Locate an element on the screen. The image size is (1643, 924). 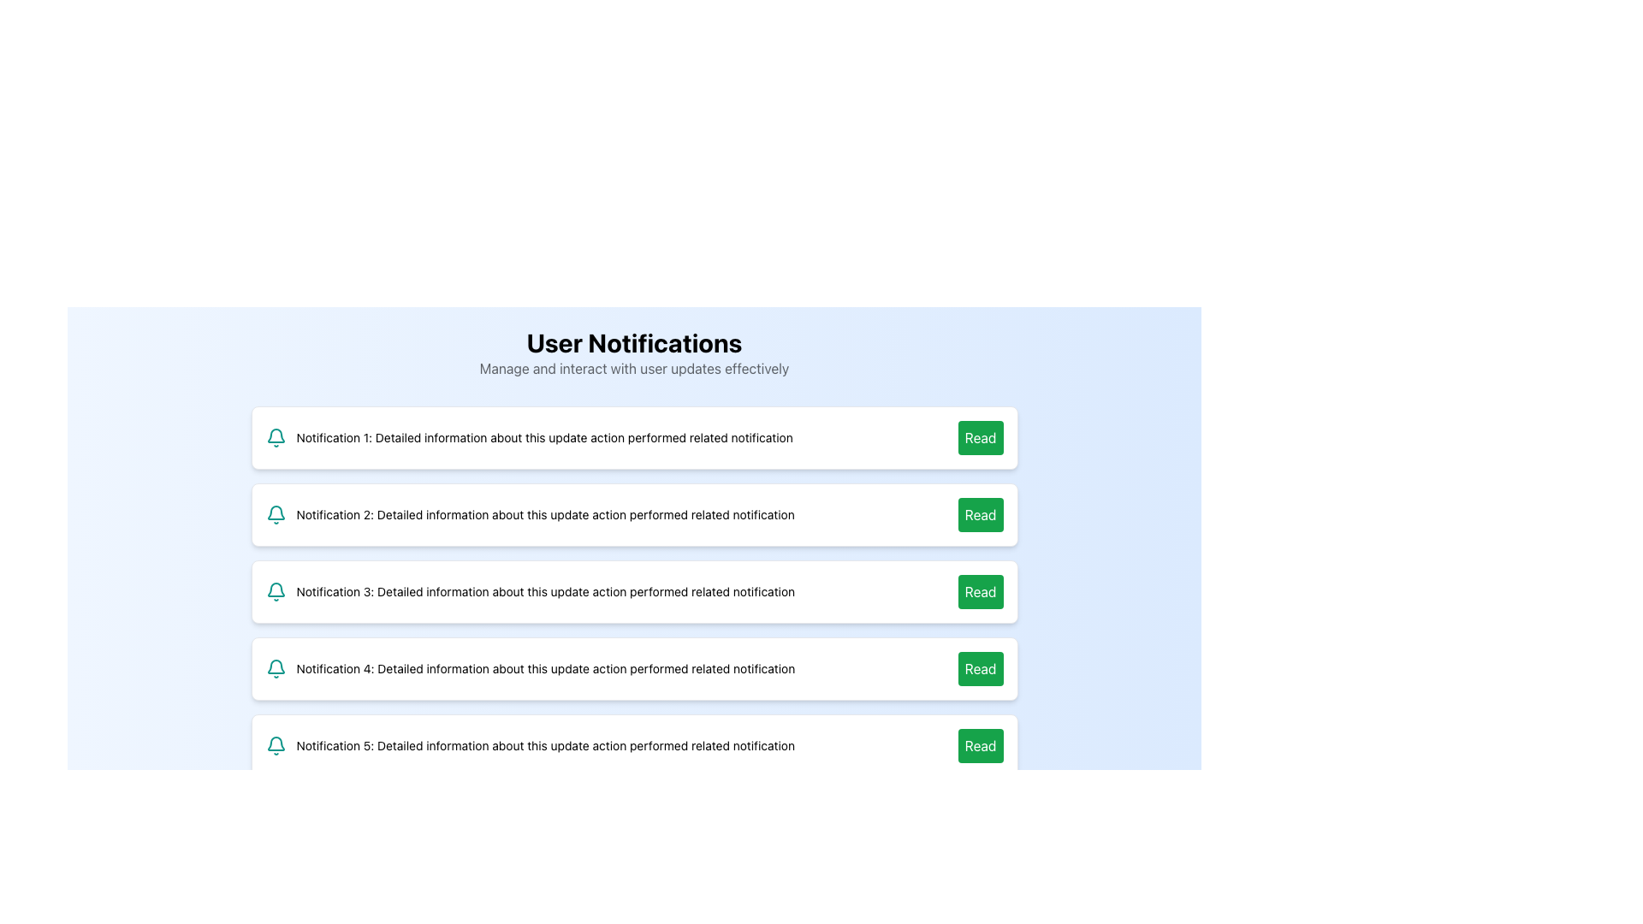
the notification list item that includes a teal bell icon and a green 'Read' button, which contains the text 'Notification 2: Detailed information about this update action performed related notification.' is located at coordinates (633, 513).